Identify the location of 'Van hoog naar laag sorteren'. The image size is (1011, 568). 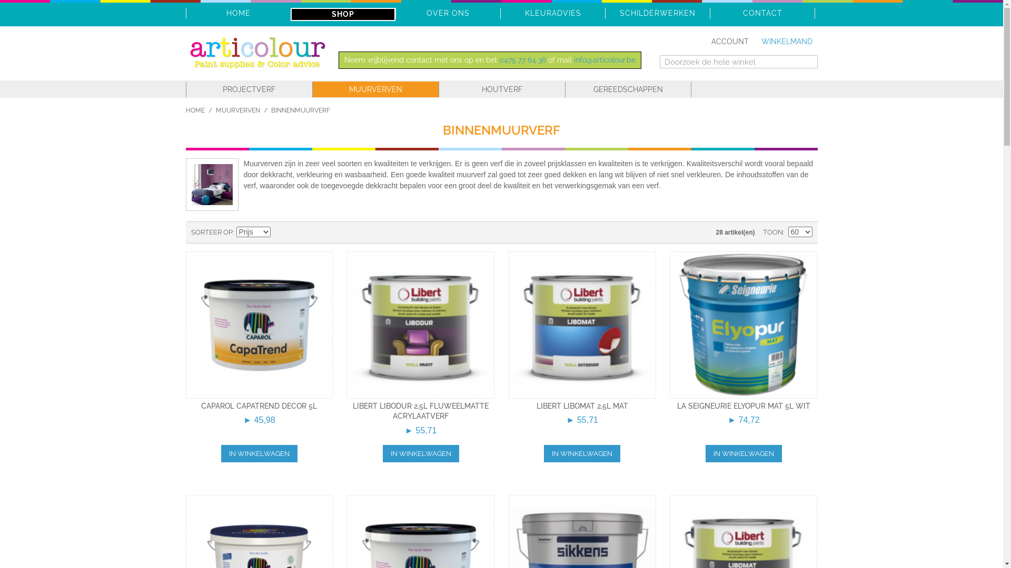
(280, 232).